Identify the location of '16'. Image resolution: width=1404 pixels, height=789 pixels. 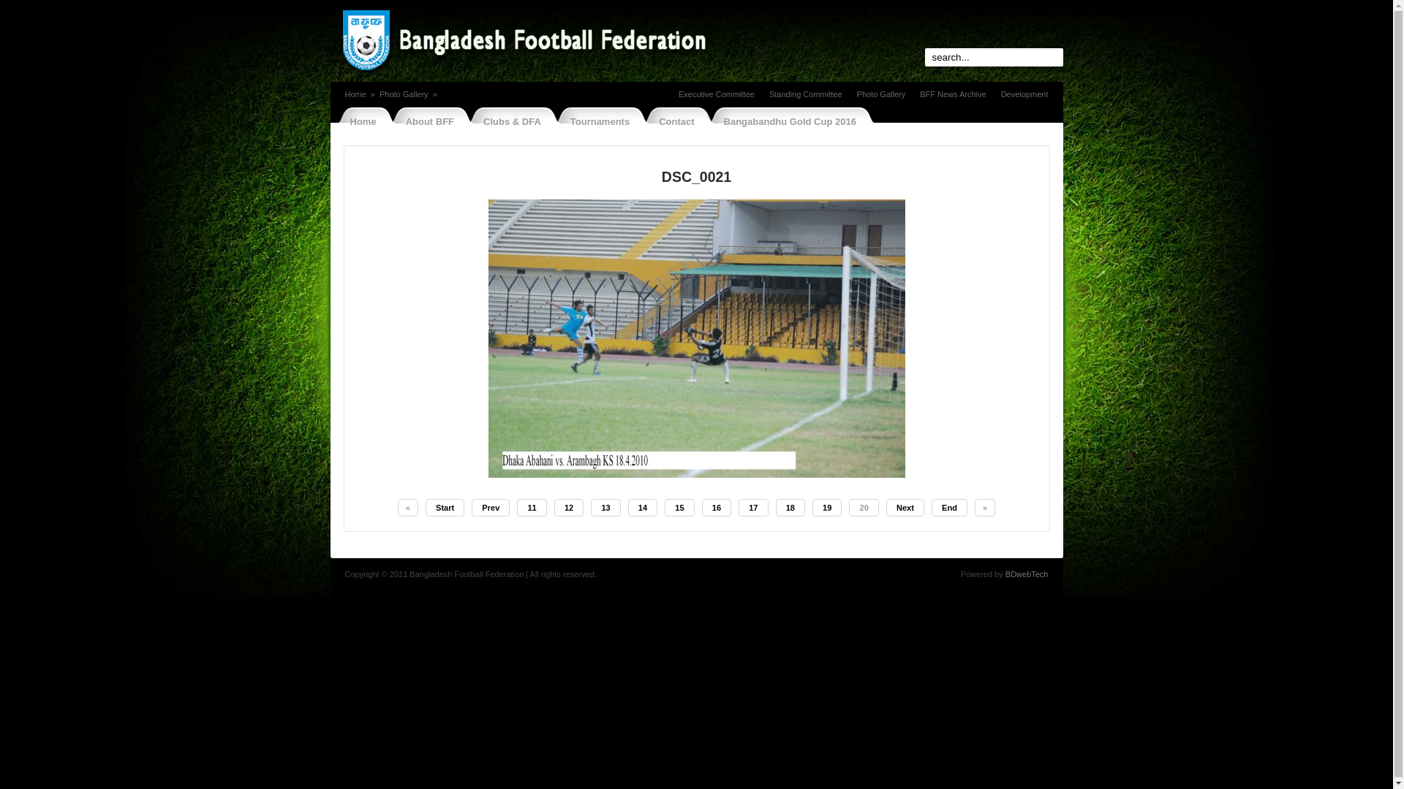
(712, 506).